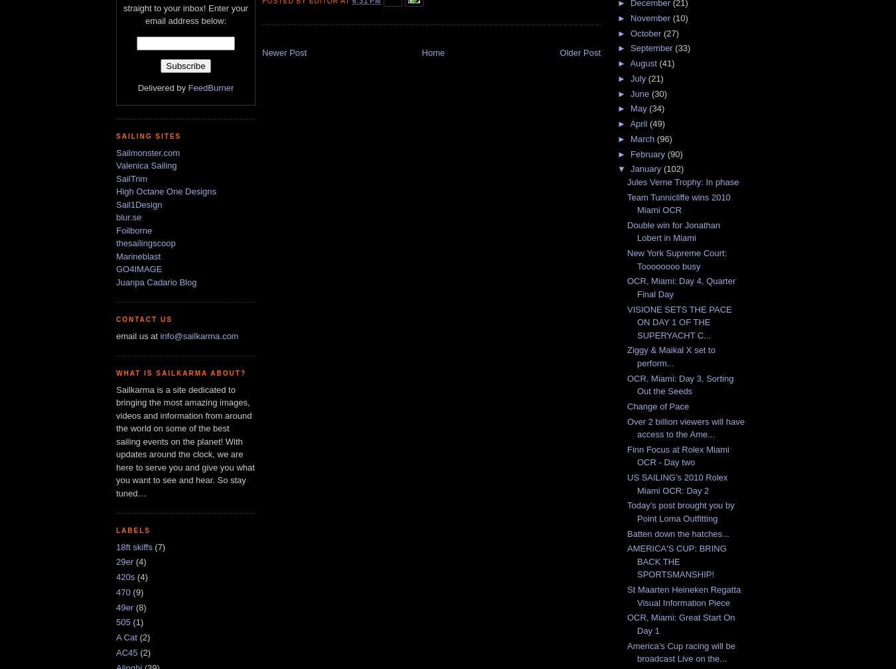 Image resolution: width=896 pixels, height=669 pixels. Describe the element at coordinates (681, 652) in the screenshot. I see `'America’s Cup racing will be broadcast Live on the...'` at that location.